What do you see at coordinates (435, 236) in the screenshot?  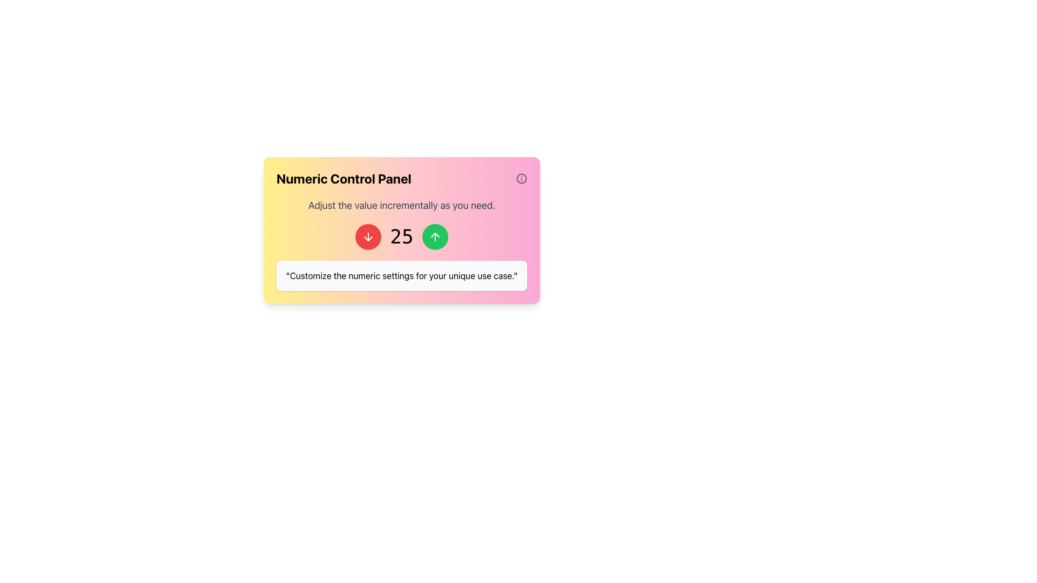 I see `the circular button with a green background and a white upward arrow icon, located at the far right of the Numeric Control Panel, to increment the number` at bounding box center [435, 236].